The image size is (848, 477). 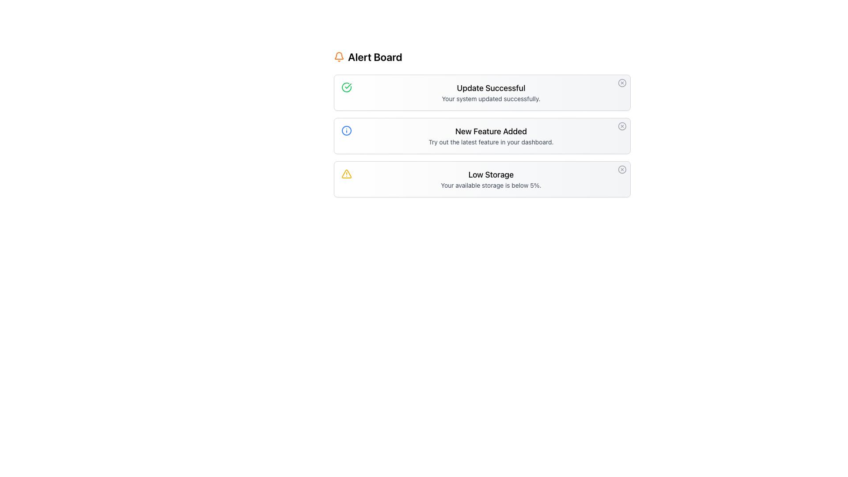 I want to click on the informational text block that provides details about a new feature on the dashboard, located as the second item under the 'Alert Board' heading, so click(x=491, y=136).